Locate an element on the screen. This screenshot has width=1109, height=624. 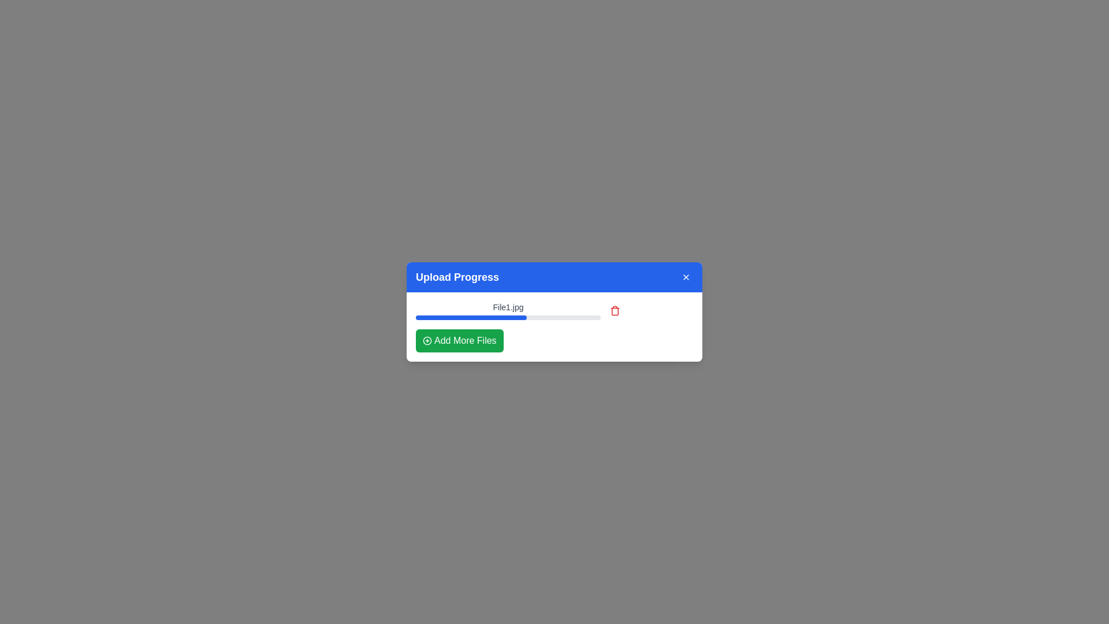
the green button labeled 'Add More Files' with a circular plus icon is located at coordinates (459, 340).